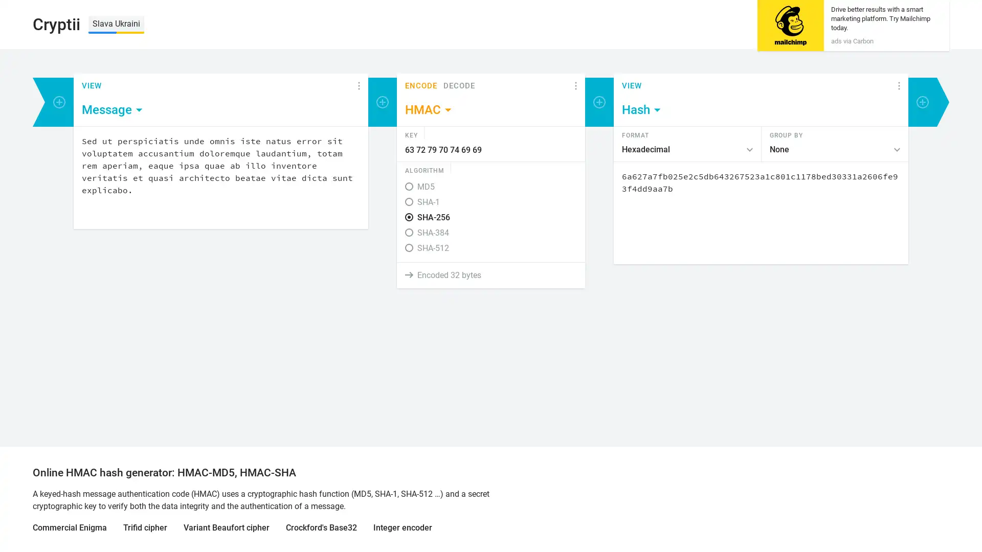 This screenshot has width=982, height=552. I want to click on Message, so click(113, 110).